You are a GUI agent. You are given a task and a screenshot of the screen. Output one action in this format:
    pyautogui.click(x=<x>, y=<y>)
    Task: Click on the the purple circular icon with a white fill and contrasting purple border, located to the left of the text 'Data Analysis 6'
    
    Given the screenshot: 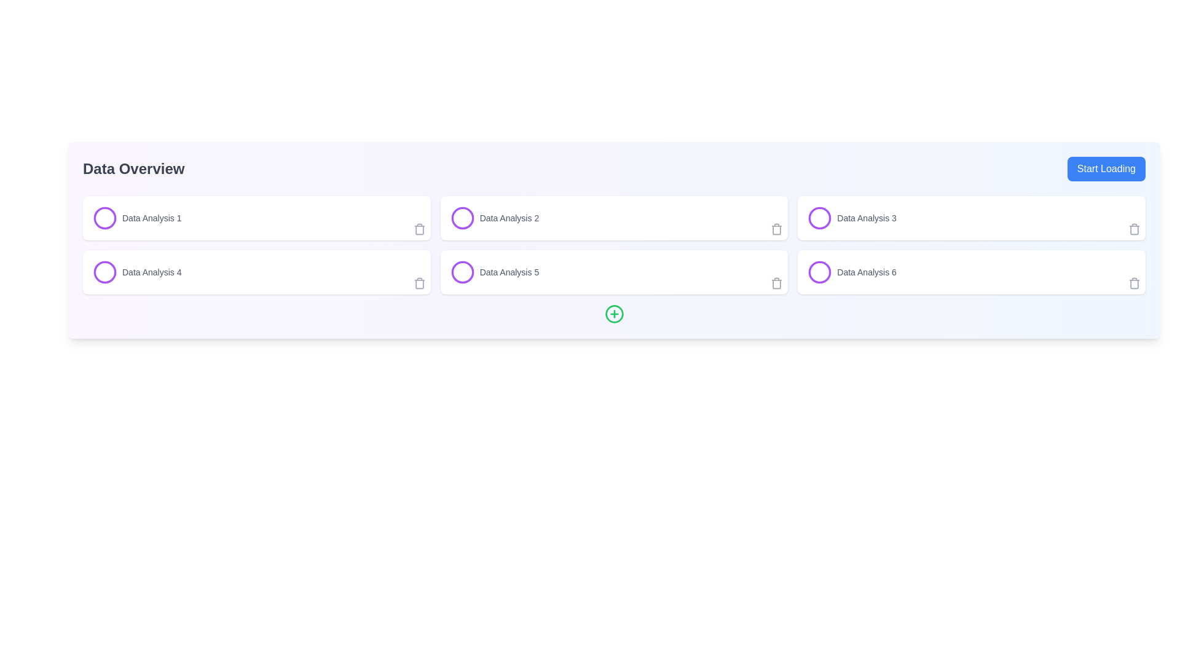 What is the action you would take?
    pyautogui.click(x=820, y=272)
    